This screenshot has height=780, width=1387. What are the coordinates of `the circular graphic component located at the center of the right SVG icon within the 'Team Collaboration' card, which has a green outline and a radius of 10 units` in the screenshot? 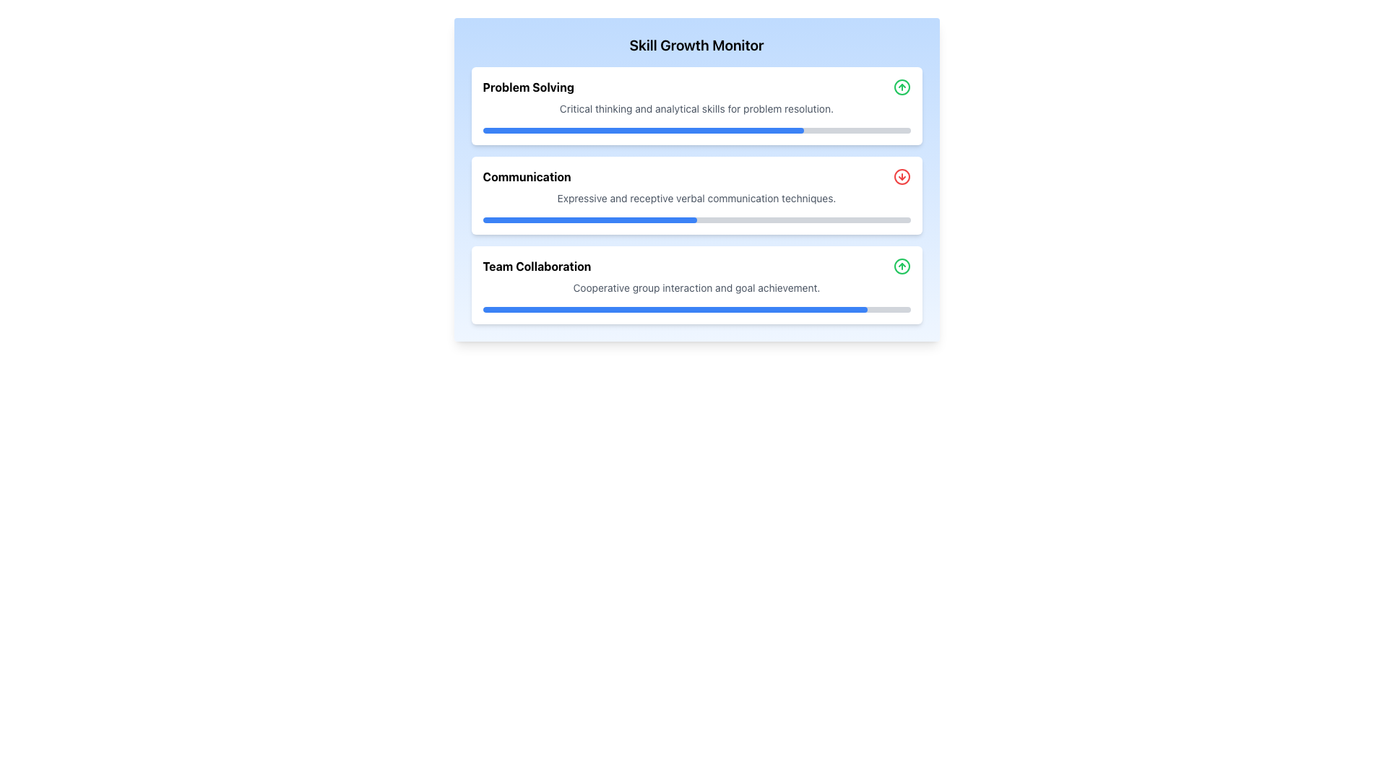 It's located at (901, 266).